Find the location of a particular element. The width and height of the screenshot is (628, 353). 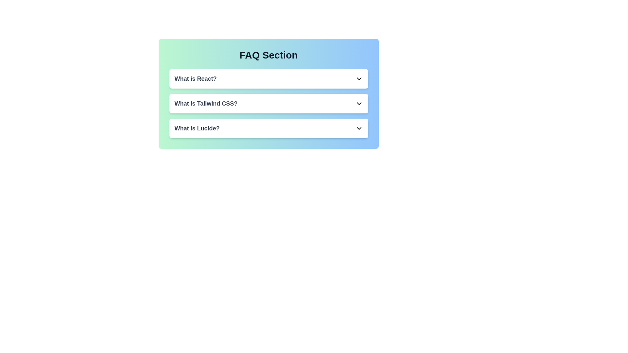

the chevron icon corresponding to the FAQ titled 'What is React?' to toggle its expansion state is located at coordinates (358, 78).